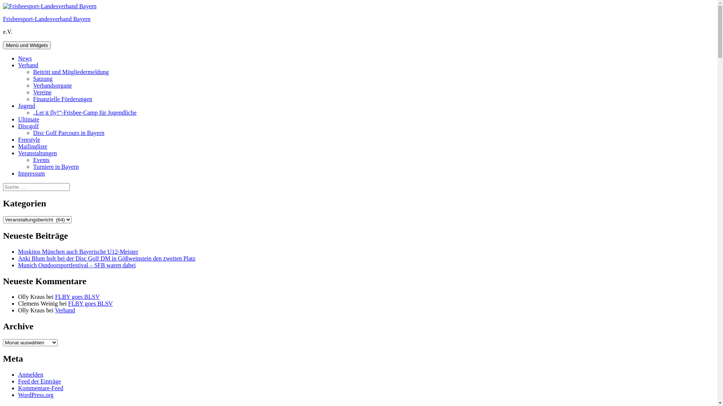 The width and height of the screenshot is (723, 406). I want to click on 'Zum Inhalt springen', so click(3, 3).